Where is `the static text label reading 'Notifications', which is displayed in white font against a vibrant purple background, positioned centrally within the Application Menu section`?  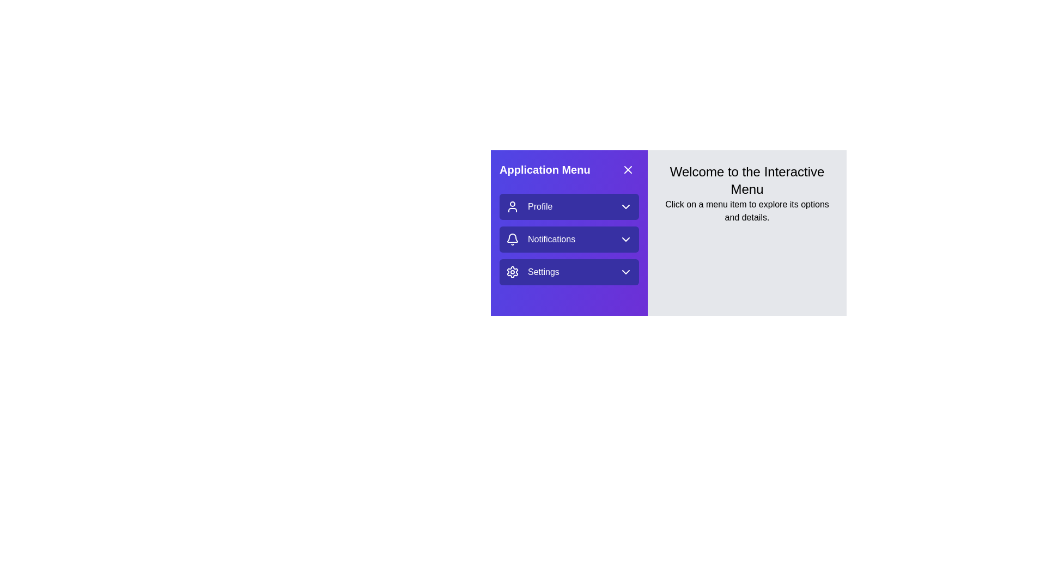
the static text label reading 'Notifications', which is displayed in white font against a vibrant purple background, positioned centrally within the Application Menu section is located at coordinates (551, 238).